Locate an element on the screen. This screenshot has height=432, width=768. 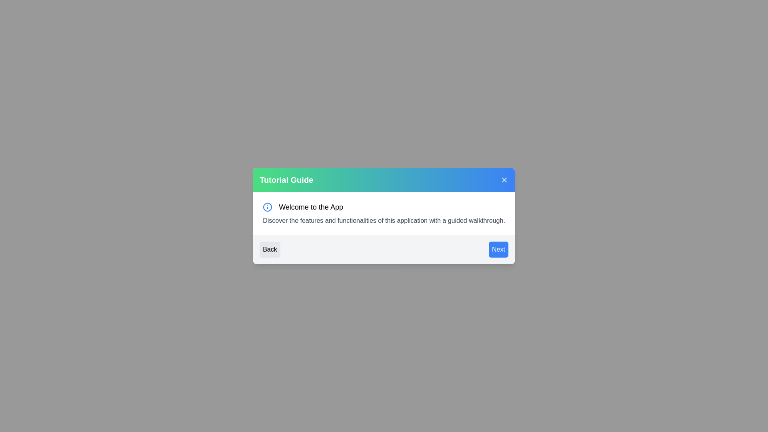
the 'X' icon in the top-right corner of the modal window is located at coordinates (504, 180).